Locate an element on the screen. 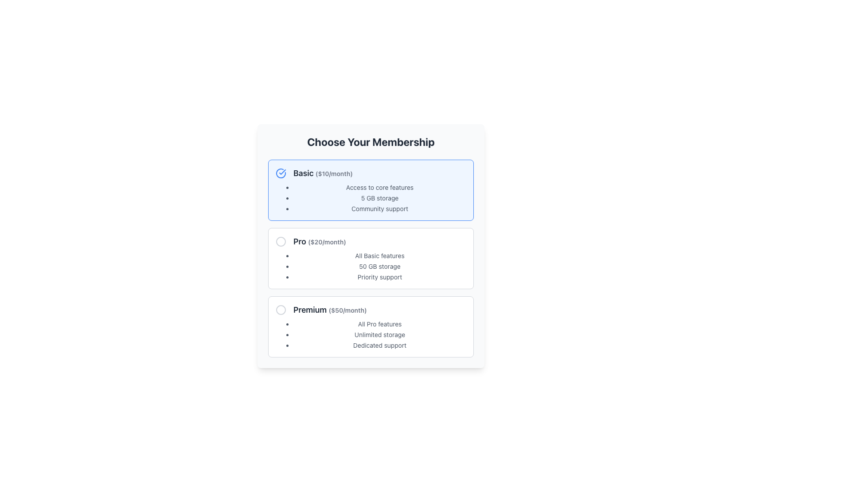  the text label indicating the features of the 'Pro' membership plan, which states it includes all features of the basic plan is located at coordinates (380, 256).